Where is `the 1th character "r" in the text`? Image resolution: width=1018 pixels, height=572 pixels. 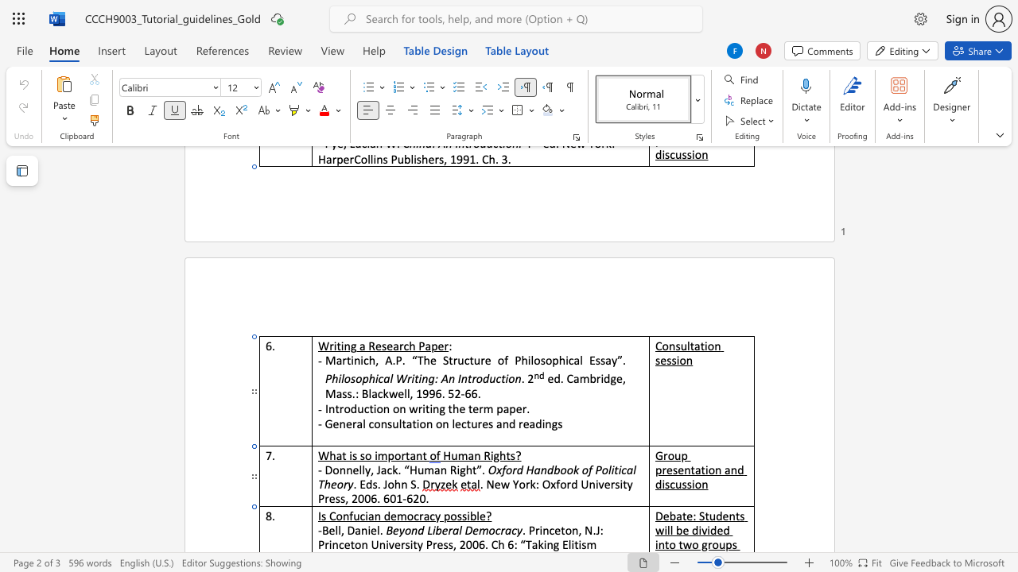
the 1th character "r" in the text is located at coordinates (449, 530).